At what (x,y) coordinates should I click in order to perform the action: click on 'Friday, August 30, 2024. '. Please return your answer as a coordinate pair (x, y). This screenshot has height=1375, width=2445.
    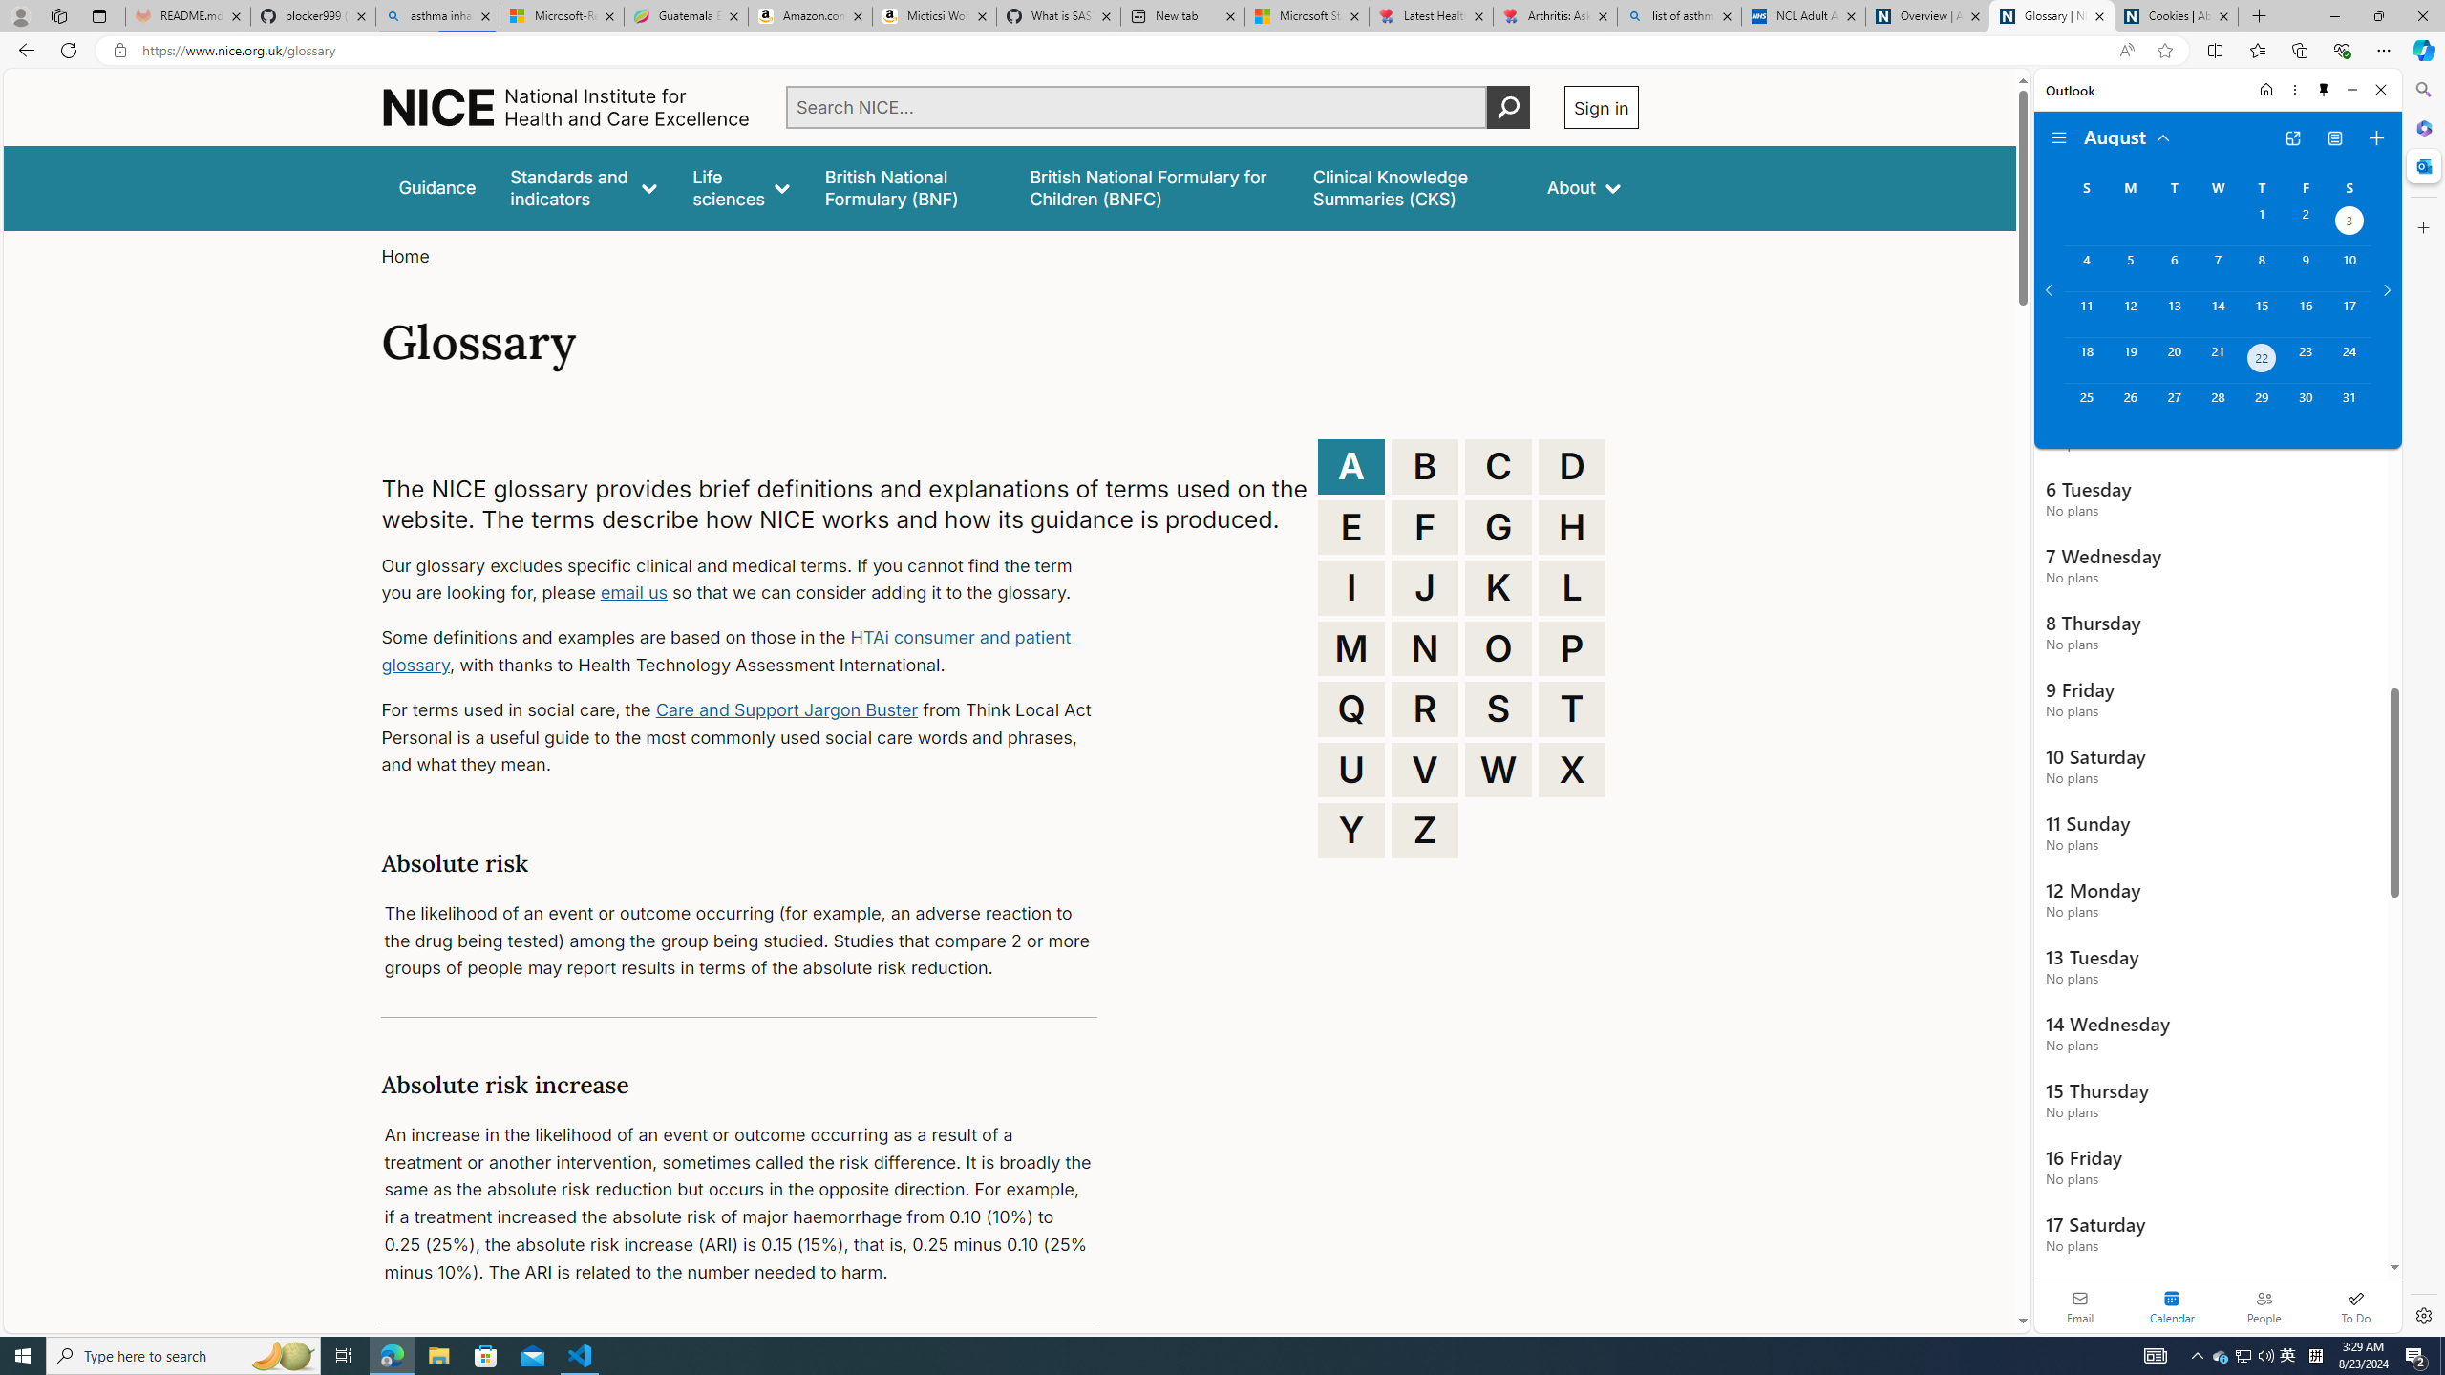
    Looking at the image, I should click on (2305, 406).